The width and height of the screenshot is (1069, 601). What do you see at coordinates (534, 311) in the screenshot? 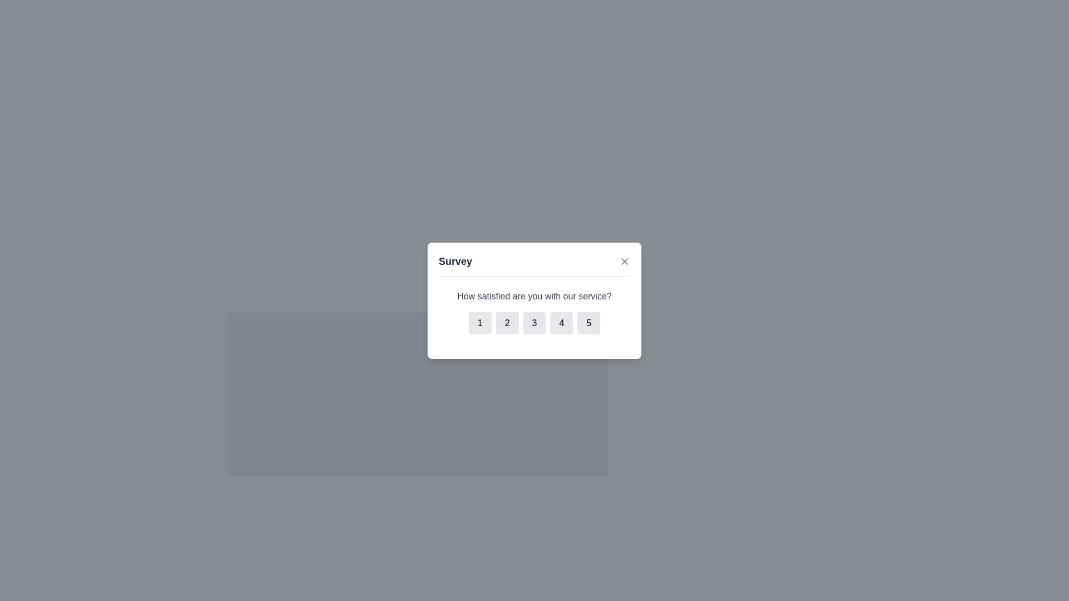
I see `the satisfaction rating scale question located at the center of the survey dialog box to provide clarification` at bounding box center [534, 311].